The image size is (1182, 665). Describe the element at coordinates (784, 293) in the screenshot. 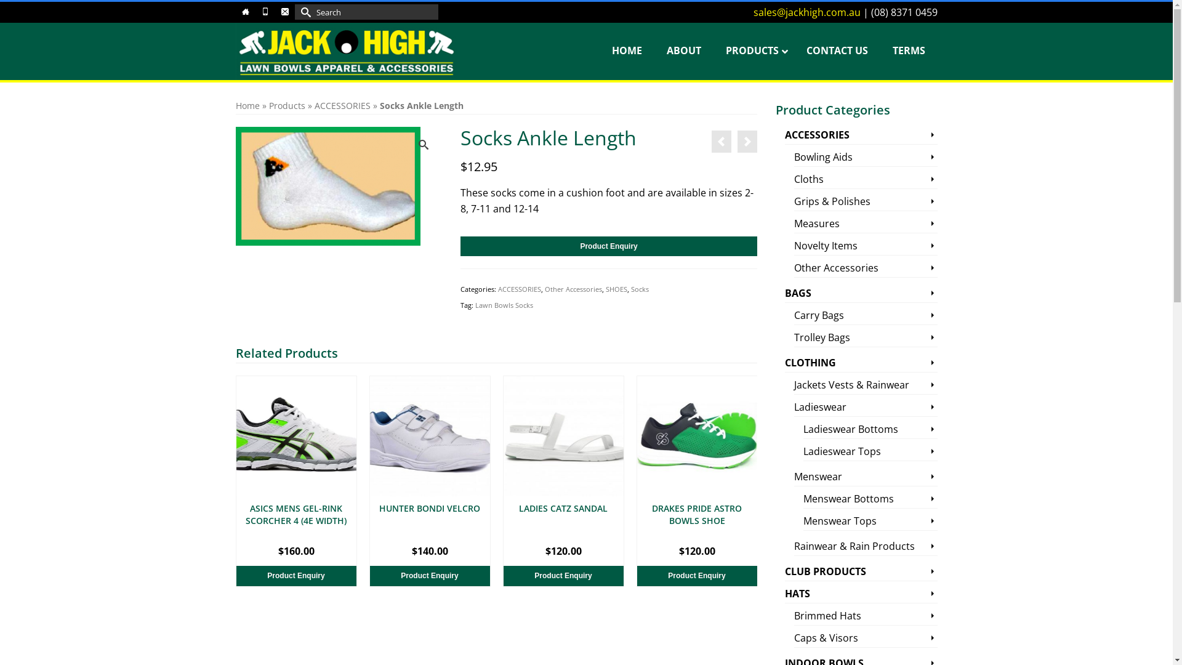

I see `'BAGS'` at that location.